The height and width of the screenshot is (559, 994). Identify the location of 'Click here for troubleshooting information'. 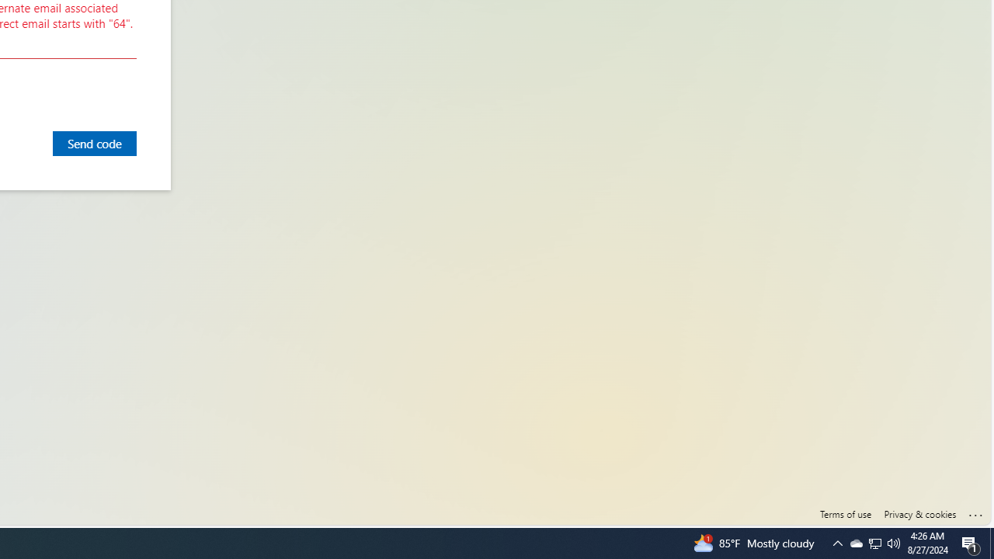
(975, 512).